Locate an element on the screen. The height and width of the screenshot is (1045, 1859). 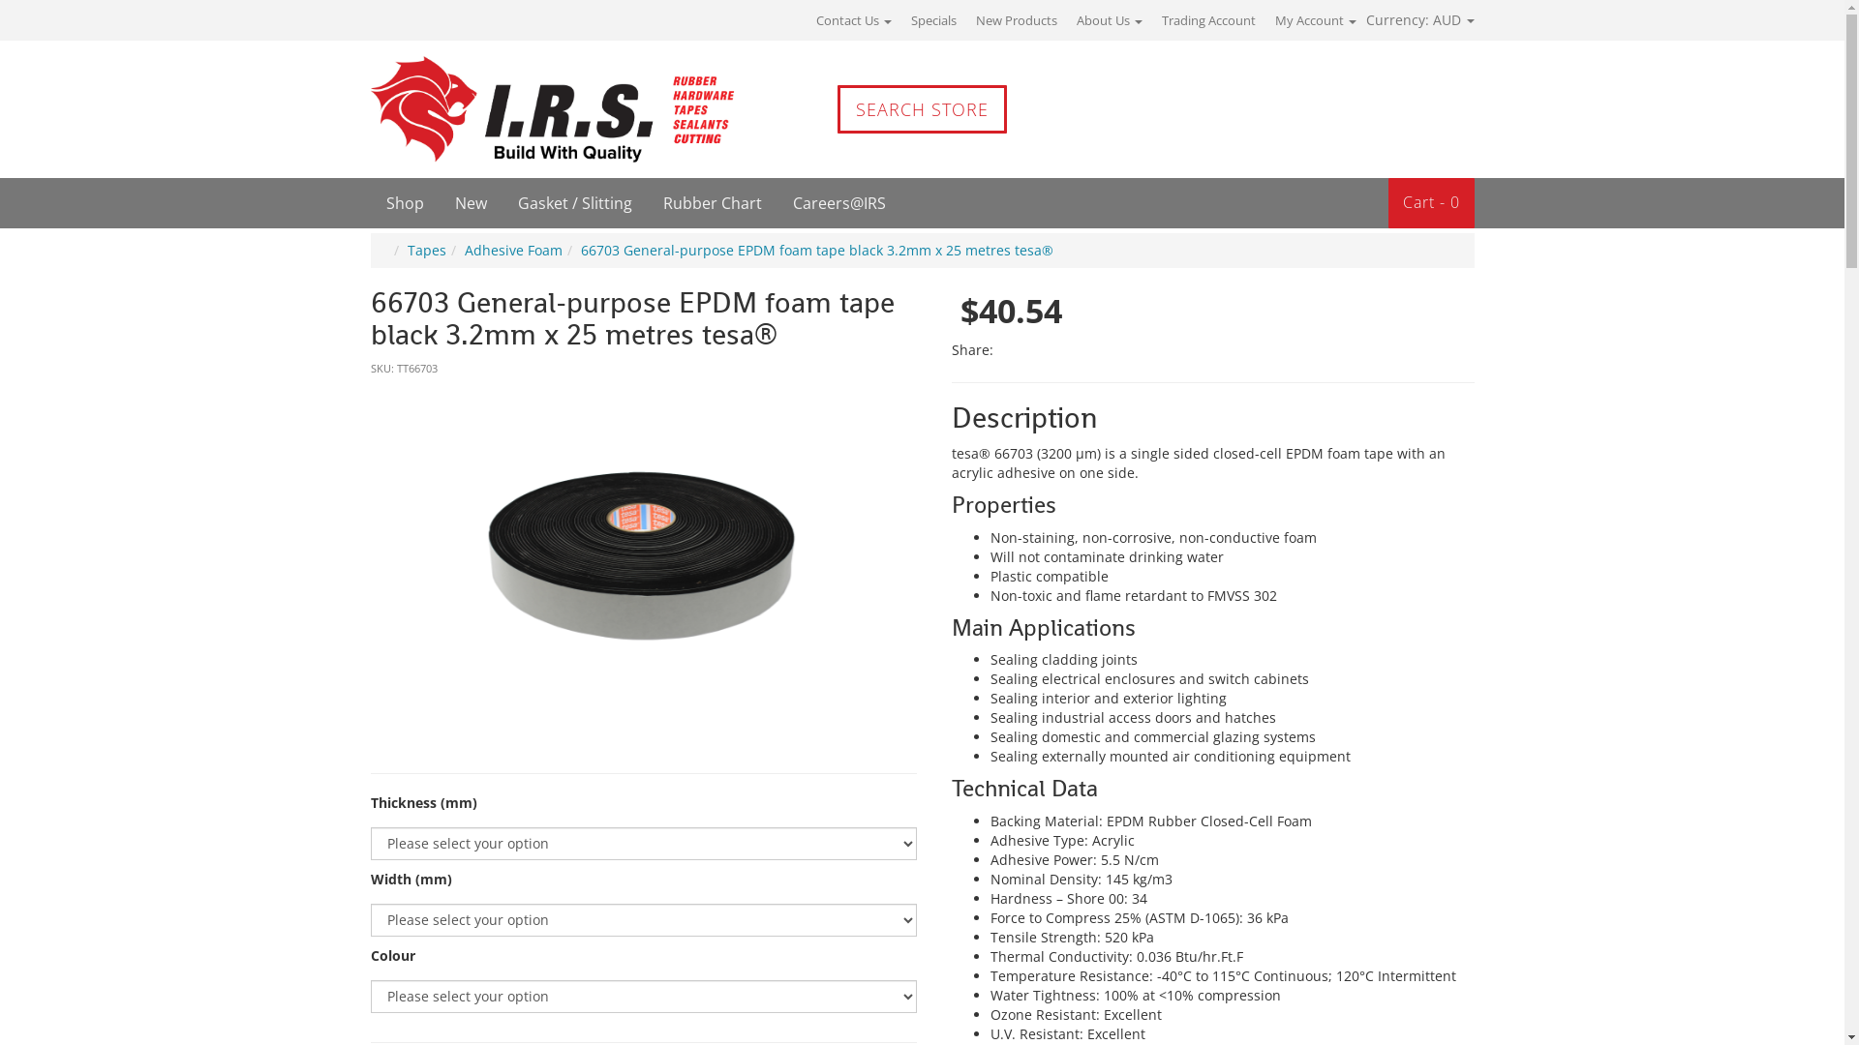
'Gasket / Slitting' is located at coordinates (573, 202).